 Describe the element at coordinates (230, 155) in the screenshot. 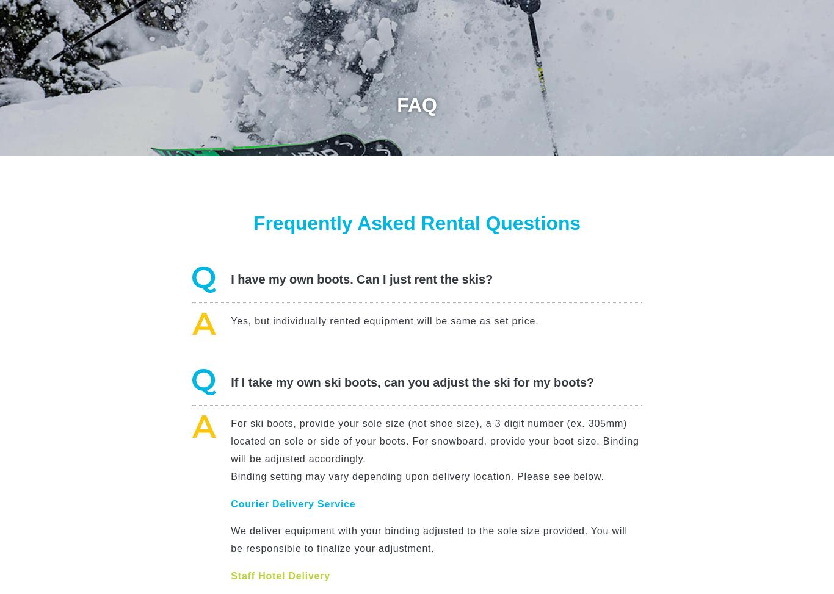

I see `'Can I try on several sizes?'` at that location.